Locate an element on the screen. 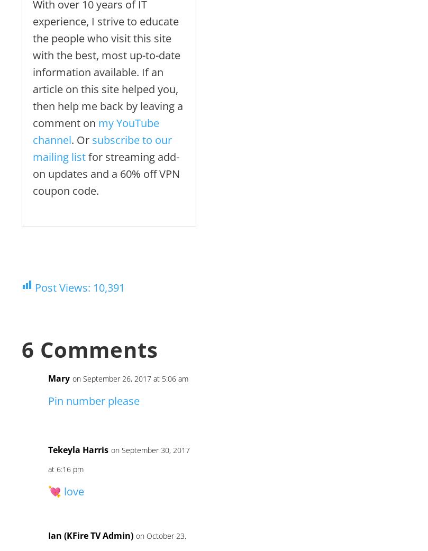 Image resolution: width=428 pixels, height=551 pixels. 'Post Views:' is located at coordinates (62, 287).